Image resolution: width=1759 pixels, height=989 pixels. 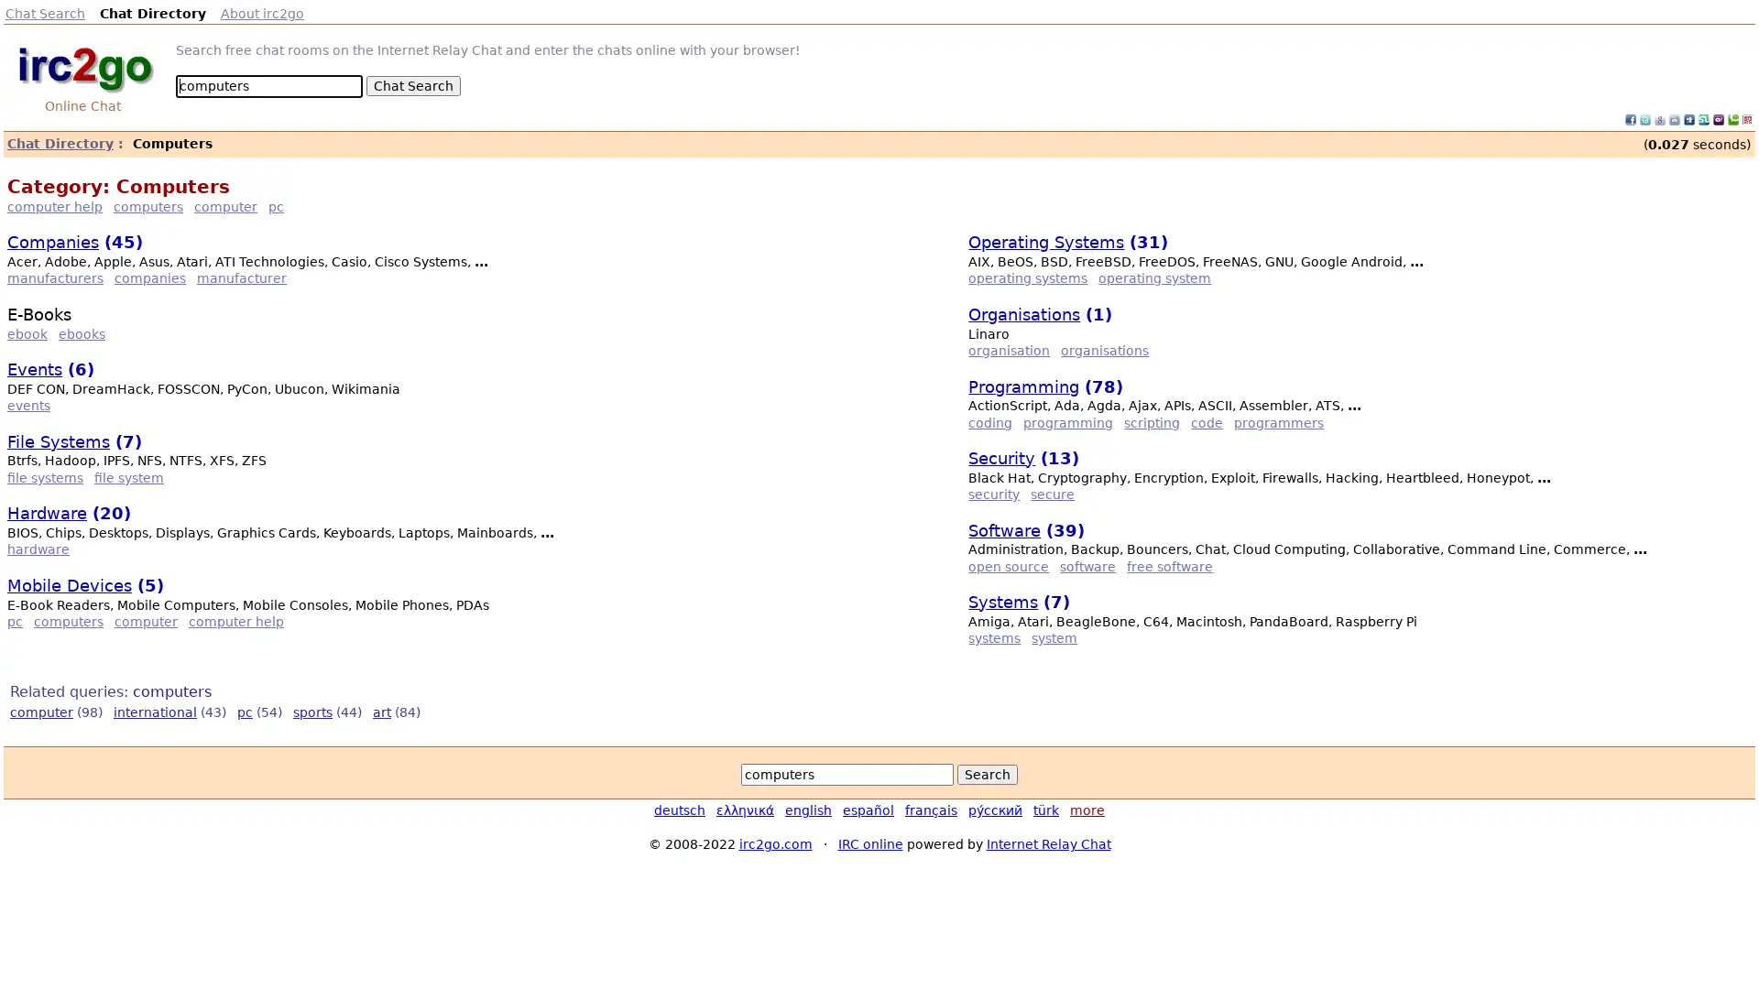 I want to click on Chat Search, so click(x=412, y=85).